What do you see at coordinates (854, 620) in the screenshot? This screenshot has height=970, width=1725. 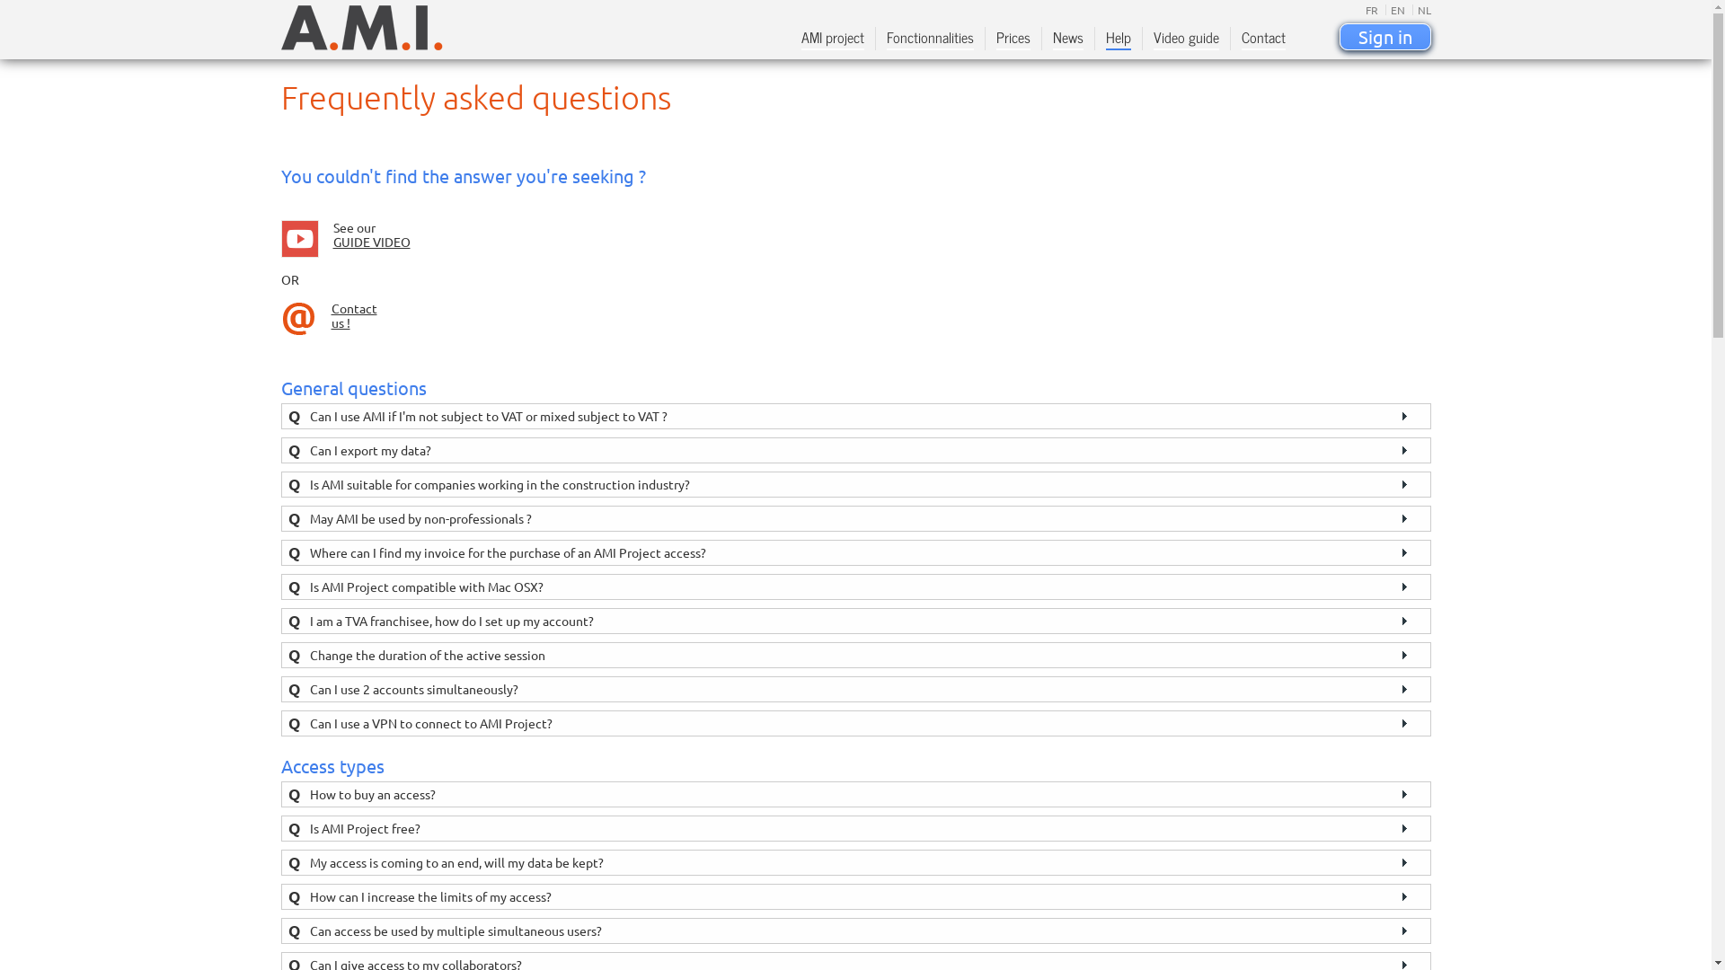 I see `'Q I am a TVA franchisee, how do I set up my account?'` at bounding box center [854, 620].